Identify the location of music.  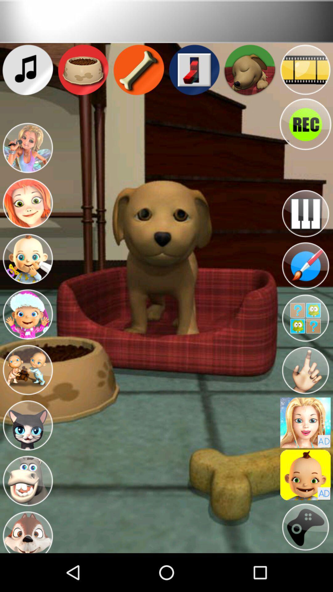
(305, 213).